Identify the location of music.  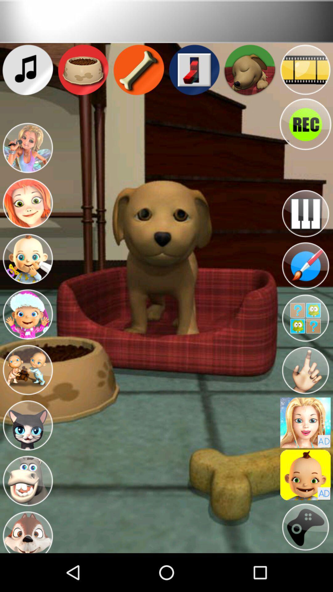
(305, 213).